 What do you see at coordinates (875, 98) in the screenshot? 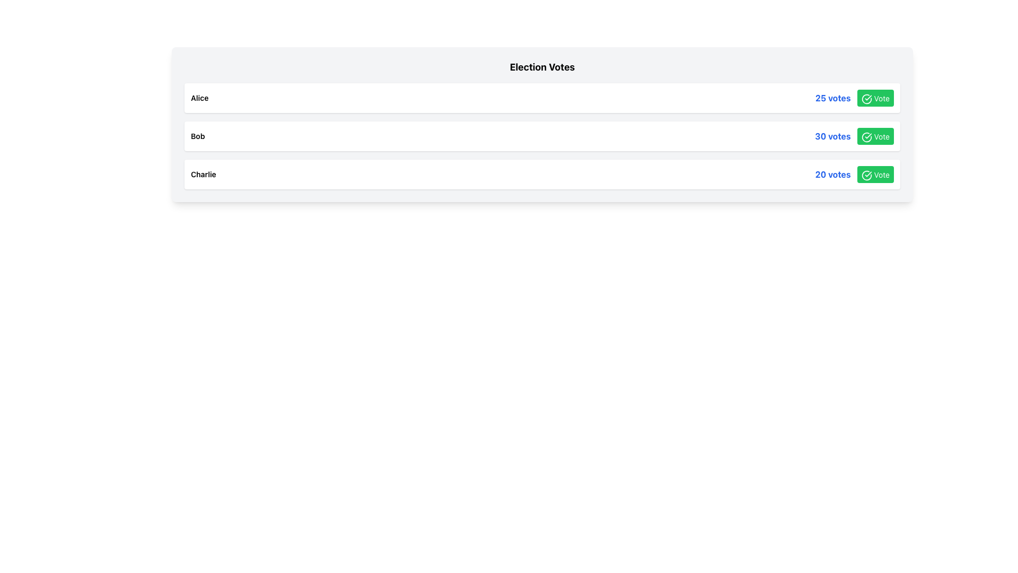
I see `the button located on the right side of the row corresponding to '25 votes' to cast the vote` at bounding box center [875, 98].